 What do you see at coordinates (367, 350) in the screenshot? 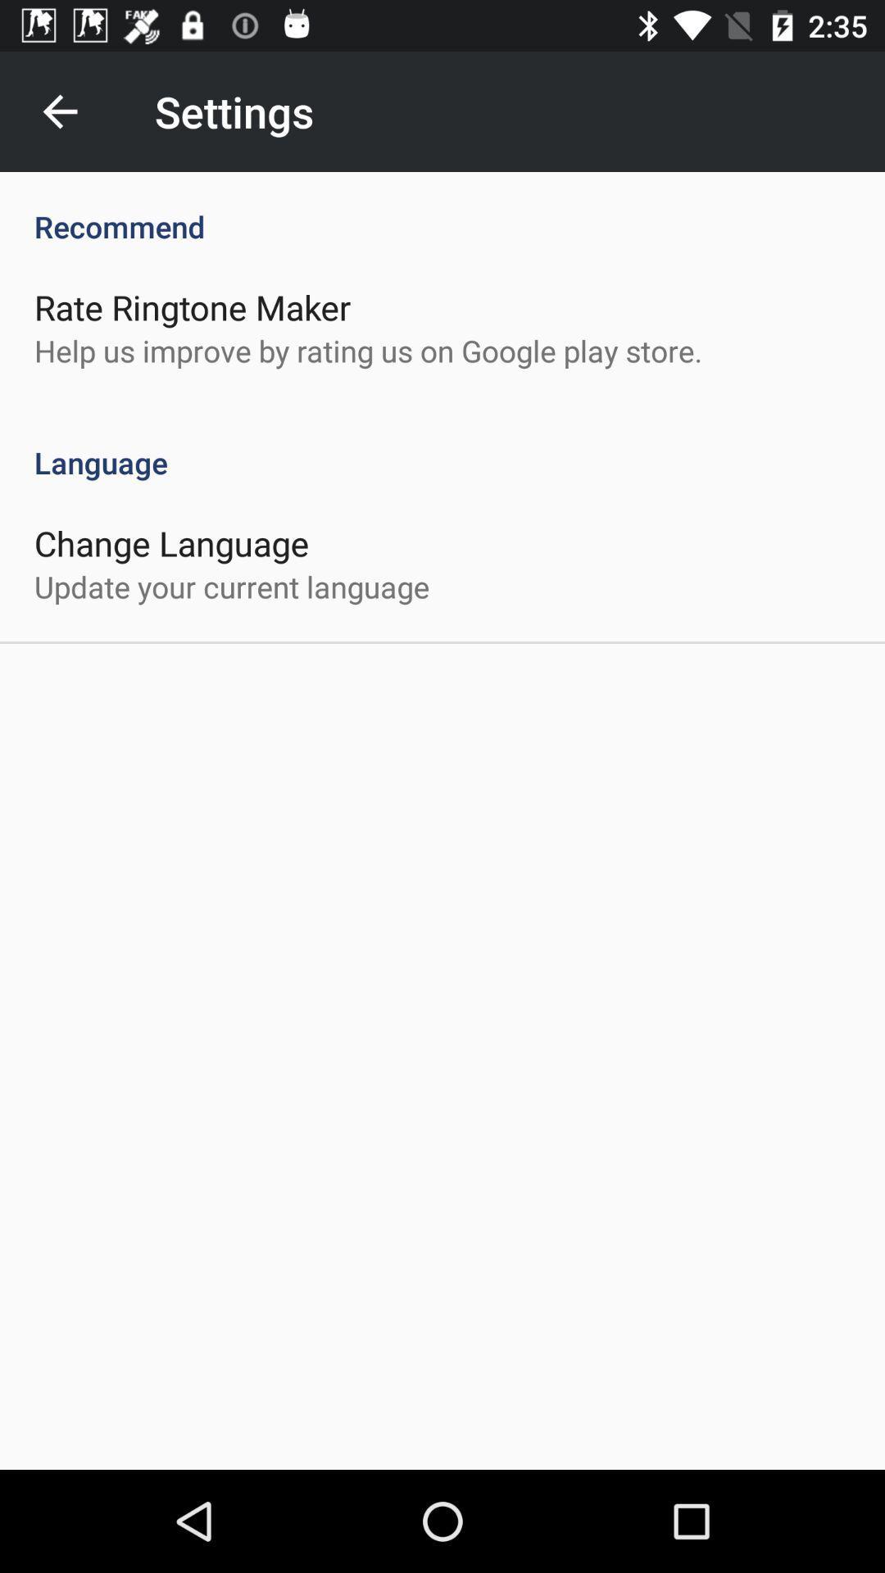
I see `the help us improve item` at bounding box center [367, 350].